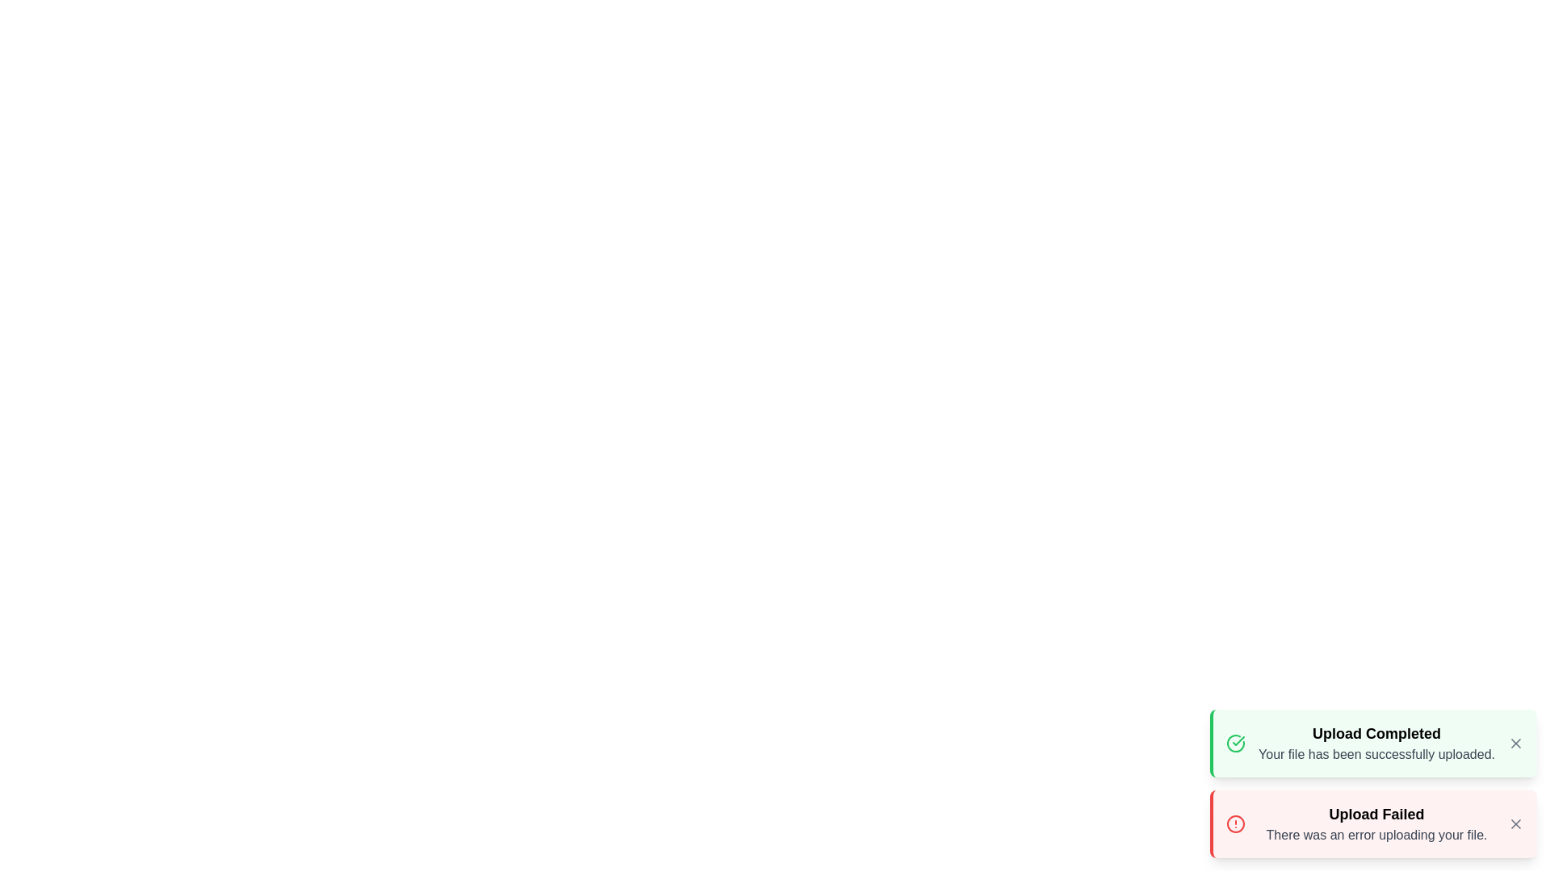 This screenshot has width=1550, height=871. Describe the element at coordinates (1376, 743) in the screenshot. I see `the informational text block displaying 'Upload Completed' in the success notification for feedback` at that location.